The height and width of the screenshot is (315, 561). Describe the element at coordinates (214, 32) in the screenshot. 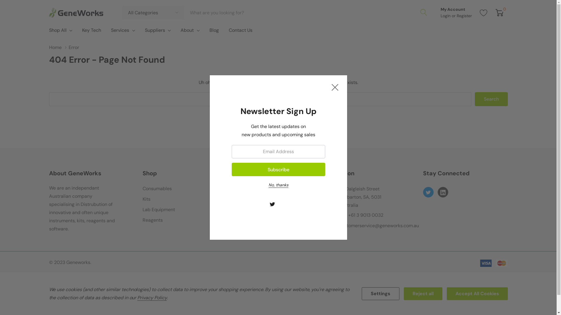

I see `'Blog'` at that location.